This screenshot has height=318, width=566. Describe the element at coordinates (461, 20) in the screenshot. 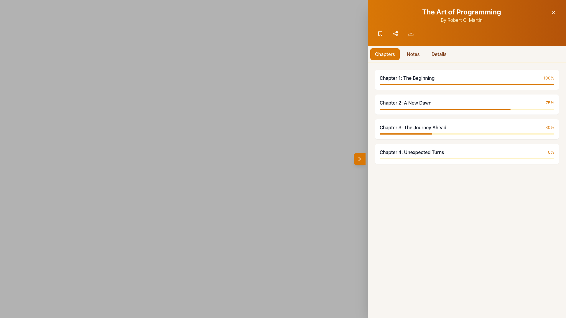

I see `the static text label displaying 'By Robert C. Martin', which is styled in white font on an orange background and positioned below the title 'The Art of Programming'` at that location.